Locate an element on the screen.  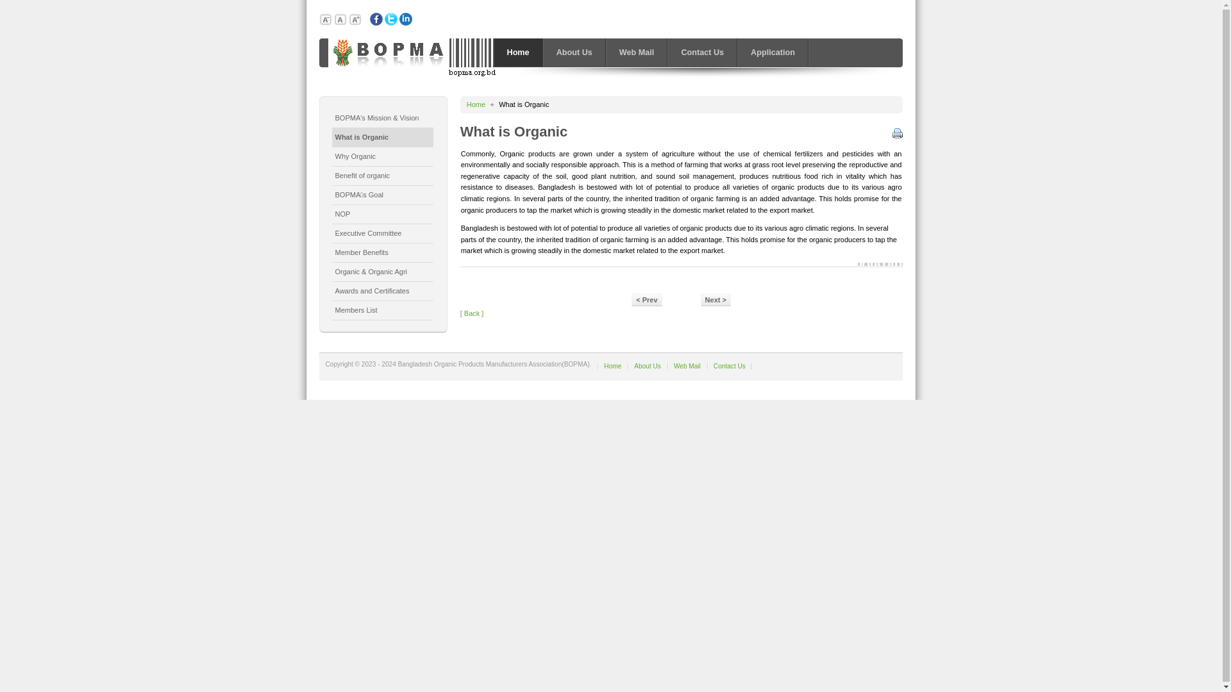
'Increase font size' is located at coordinates (355, 19).